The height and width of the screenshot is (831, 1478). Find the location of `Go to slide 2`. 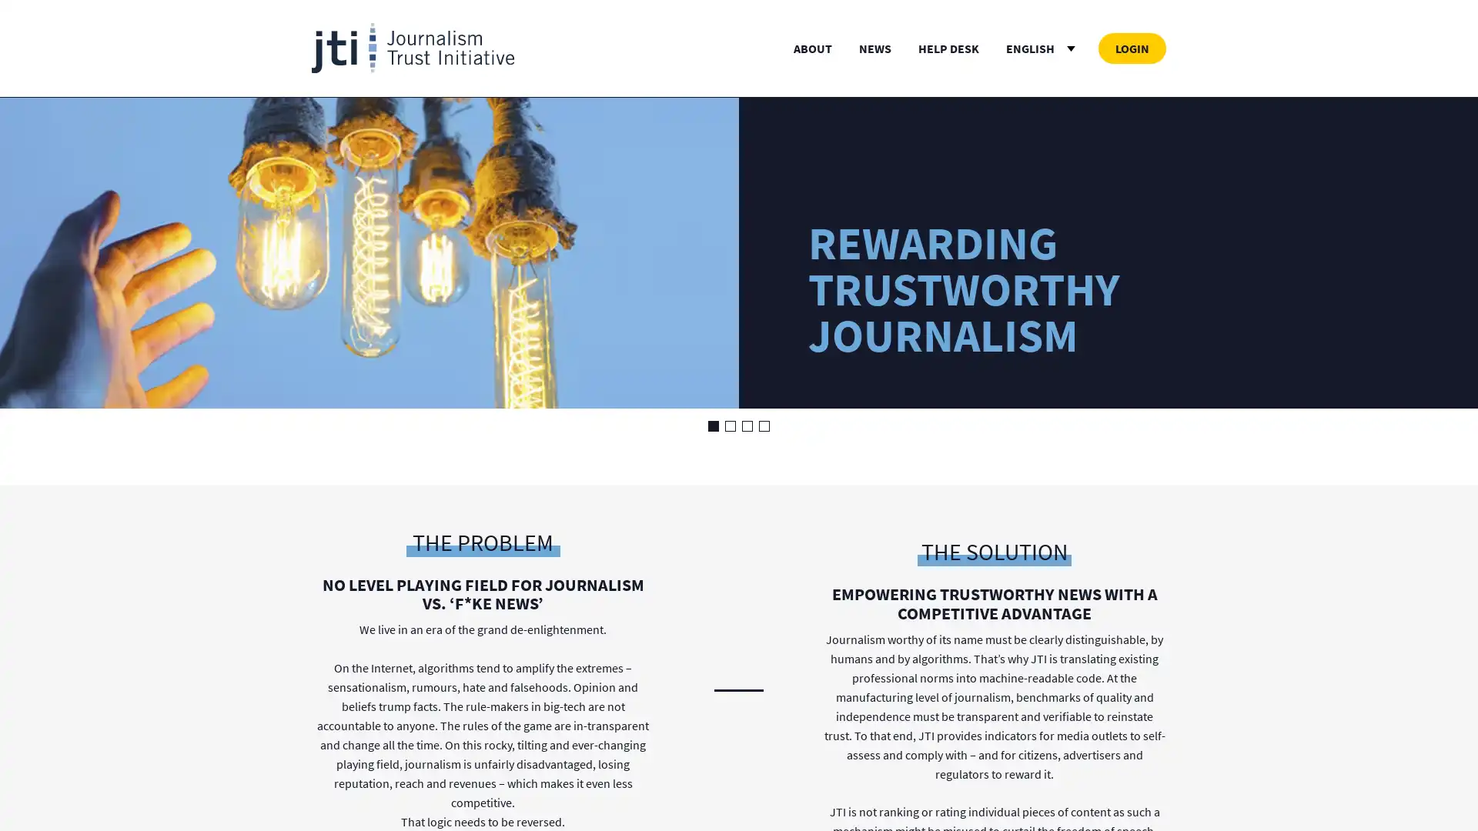

Go to slide 2 is located at coordinates (730, 426).